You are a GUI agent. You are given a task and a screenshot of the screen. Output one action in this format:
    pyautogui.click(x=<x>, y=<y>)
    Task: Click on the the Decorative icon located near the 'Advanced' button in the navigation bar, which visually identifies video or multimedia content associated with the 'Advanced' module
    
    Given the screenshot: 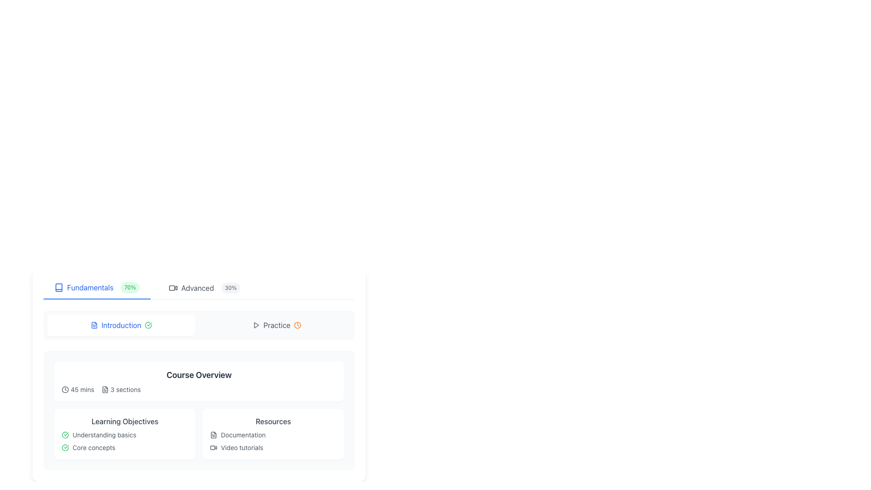 What is the action you would take?
    pyautogui.click(x=173, y=288)
    